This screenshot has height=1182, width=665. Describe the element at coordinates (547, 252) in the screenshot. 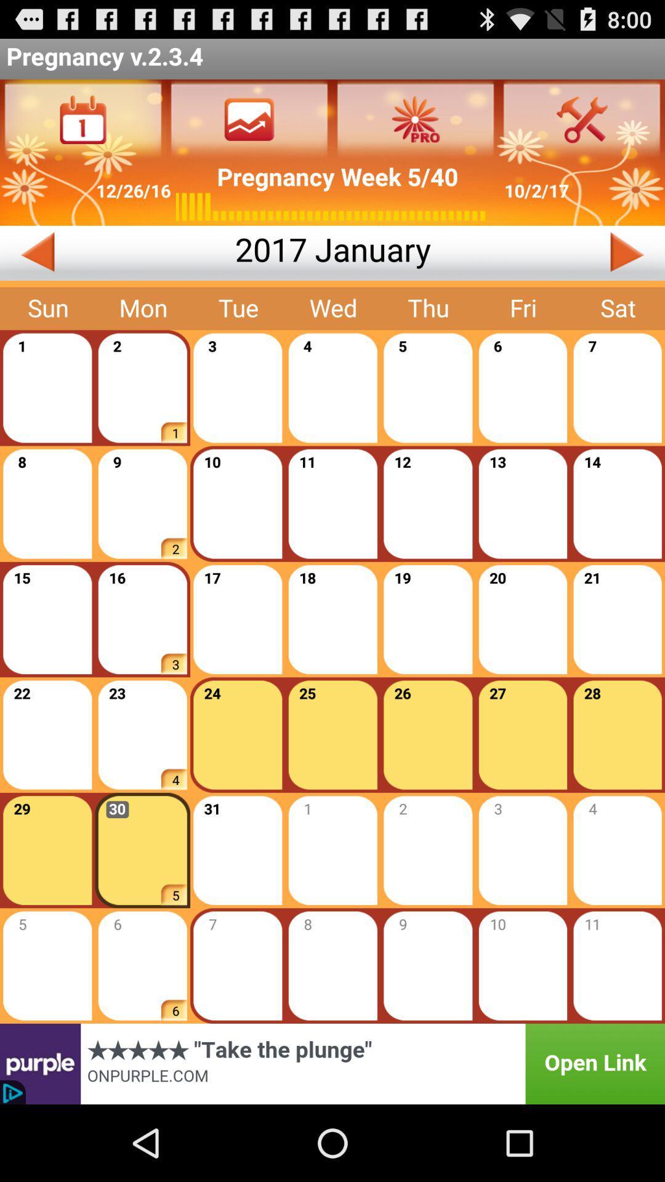

I see `next month` at that location.